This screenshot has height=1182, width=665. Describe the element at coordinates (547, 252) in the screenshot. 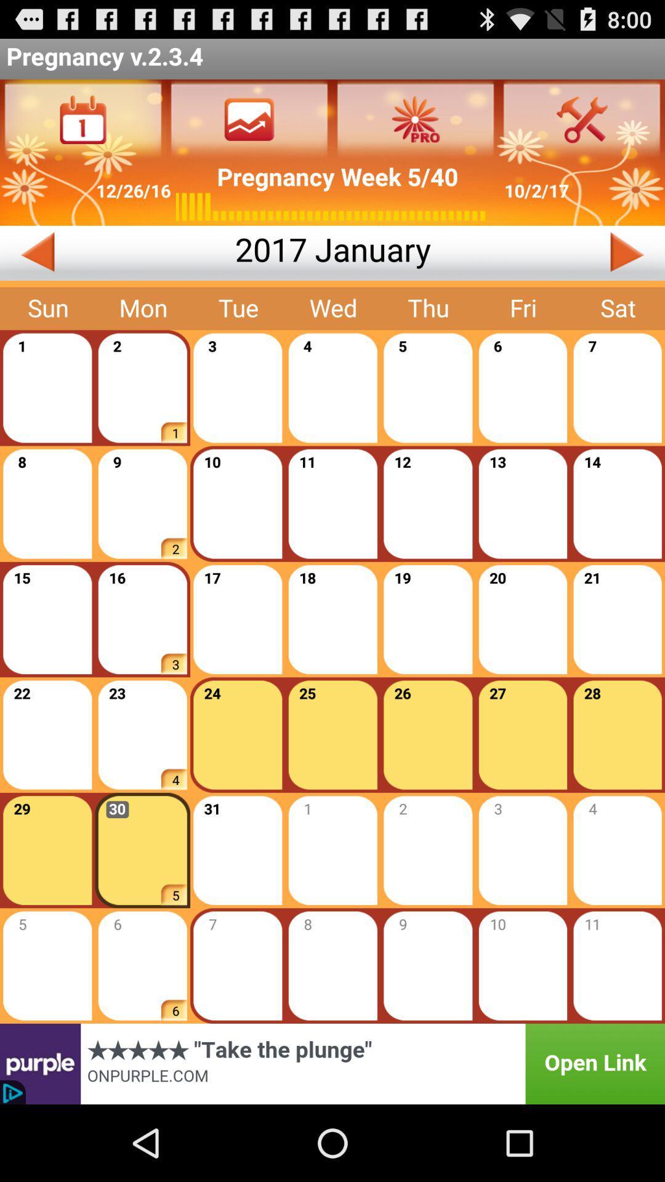

I see `next month` at that location.